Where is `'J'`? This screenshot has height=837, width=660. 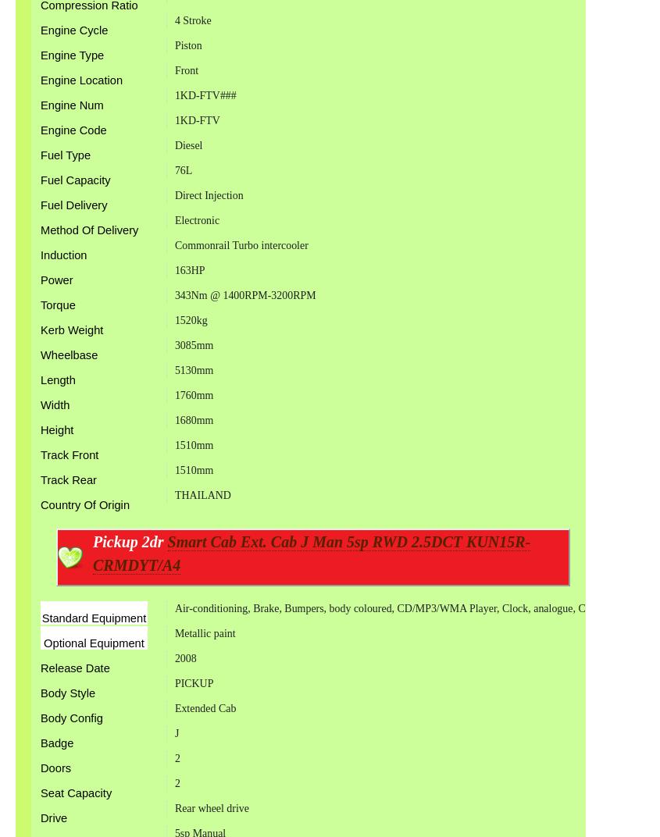
'J' is located at coordinates (173, 732).